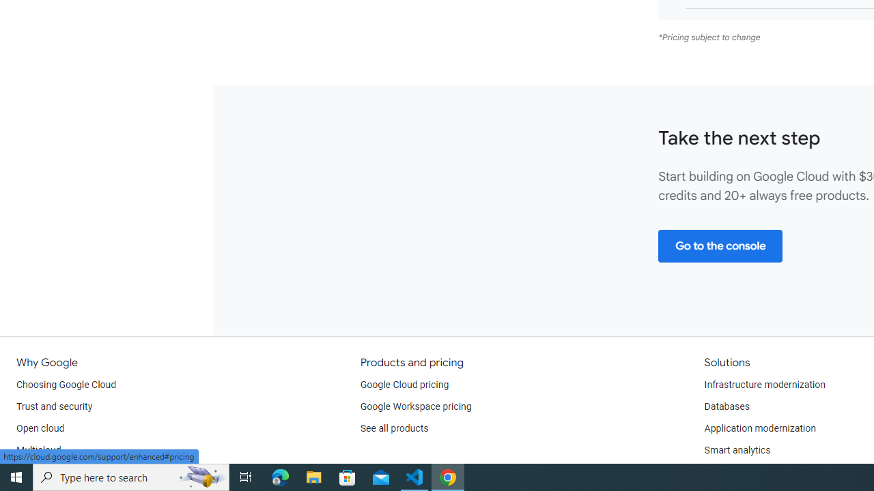 The width and height of the screenshot is (874, 491). What do you see at coordinates (759, 428) in the screenshot?
I see `'Application modernization'` at bounding box center [759, 428].